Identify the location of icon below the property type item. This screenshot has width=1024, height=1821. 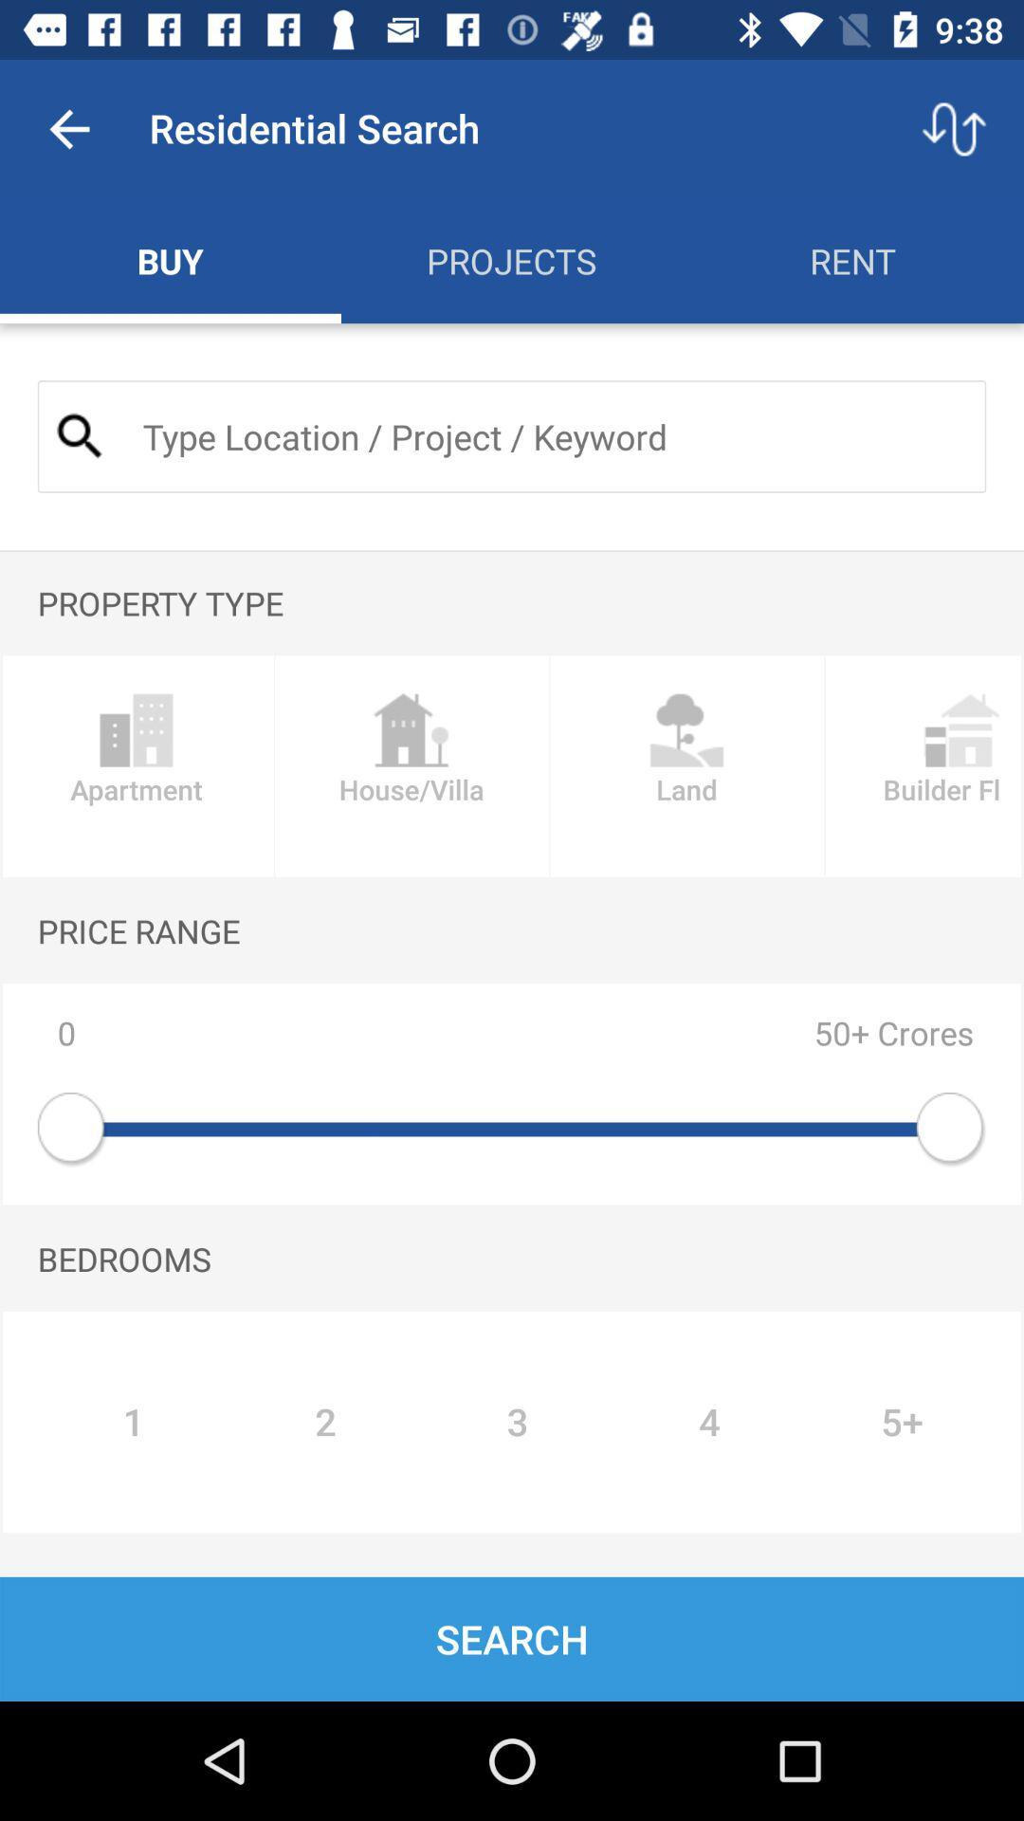
(686, 766).